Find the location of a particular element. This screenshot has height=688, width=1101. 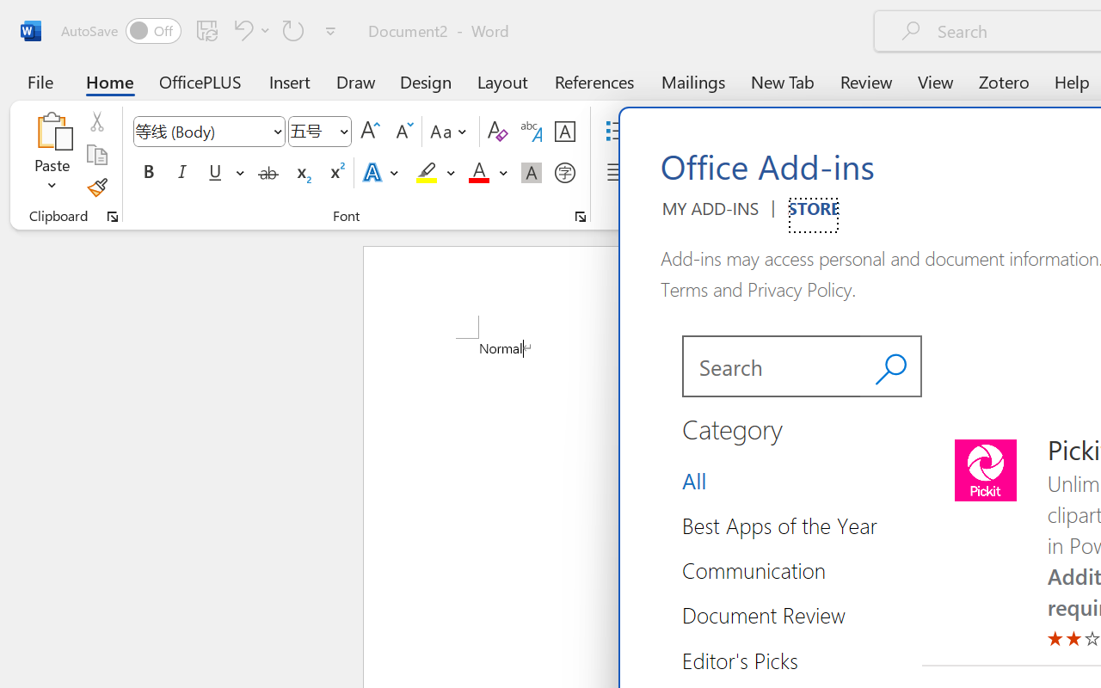

'Copy' is located at coordinates (95, 154).